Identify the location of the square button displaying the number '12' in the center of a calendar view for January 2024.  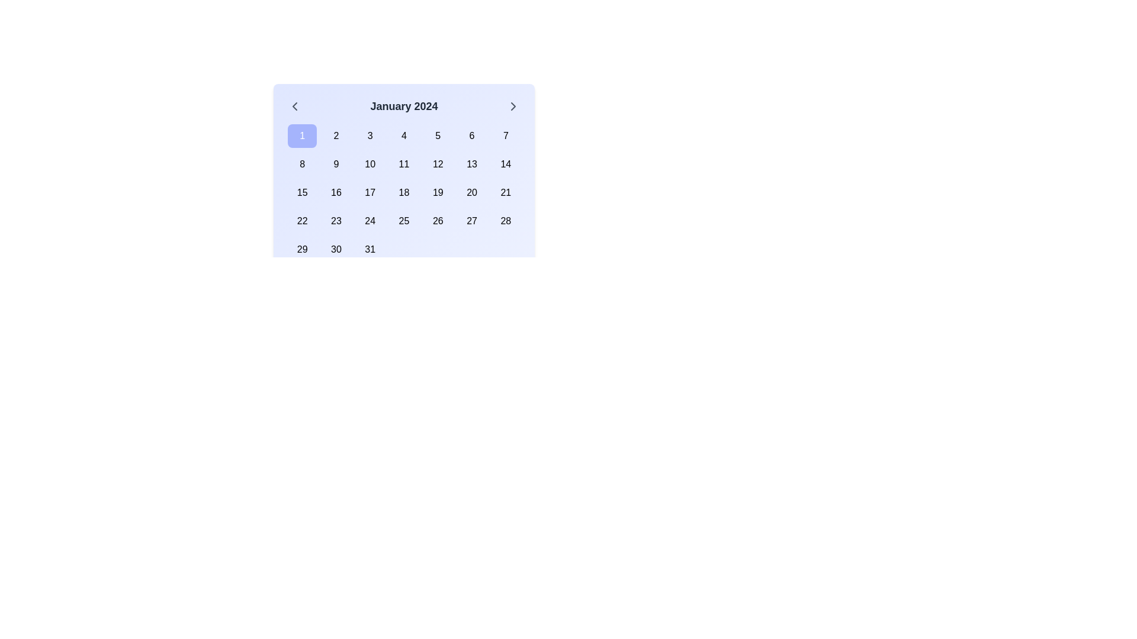
(437, 164).